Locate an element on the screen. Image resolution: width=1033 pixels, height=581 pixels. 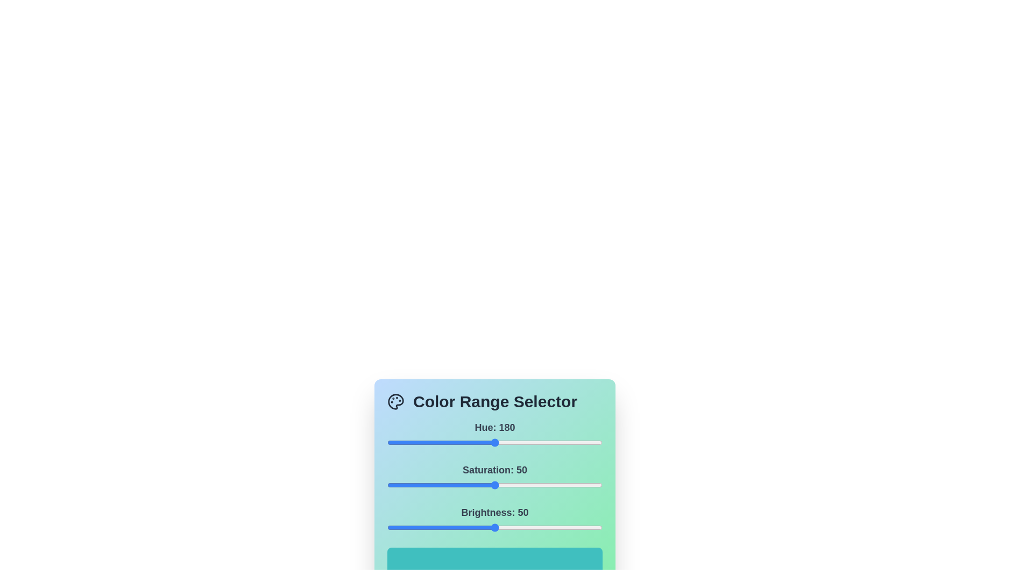
the brightness slider to set the brightness value to 62 is located at coordinates (521, 527).